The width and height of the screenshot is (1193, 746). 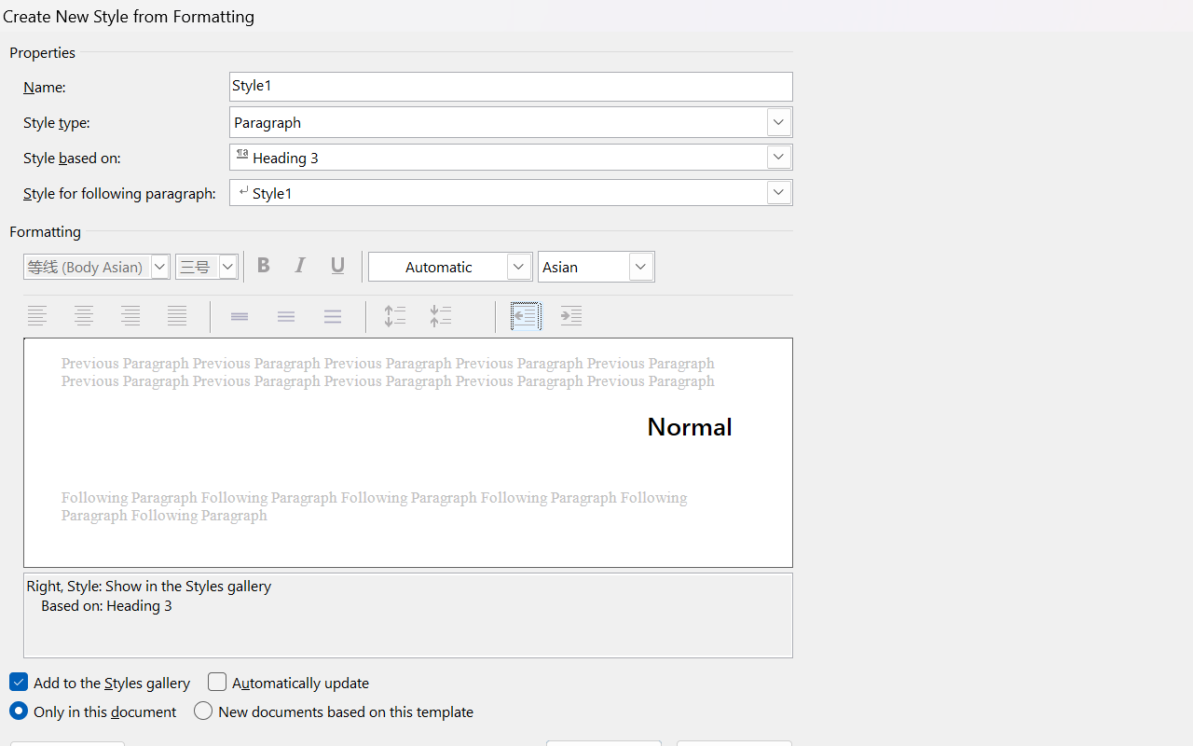 I want to click on 'Bold', so click(x=265, y=266).